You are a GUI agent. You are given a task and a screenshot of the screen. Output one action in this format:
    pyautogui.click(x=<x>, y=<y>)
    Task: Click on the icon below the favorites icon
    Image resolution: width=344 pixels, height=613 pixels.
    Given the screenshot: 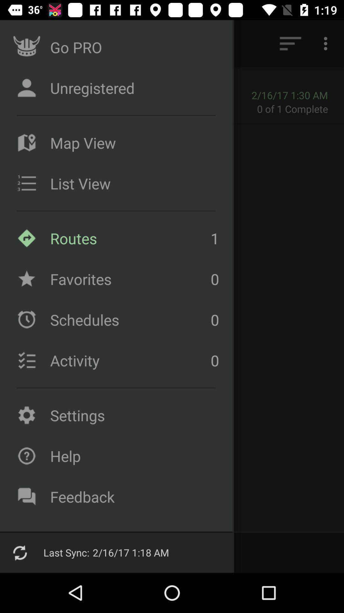 What is the action you would take?
    pyautogui.click(x=129, y=320)
    